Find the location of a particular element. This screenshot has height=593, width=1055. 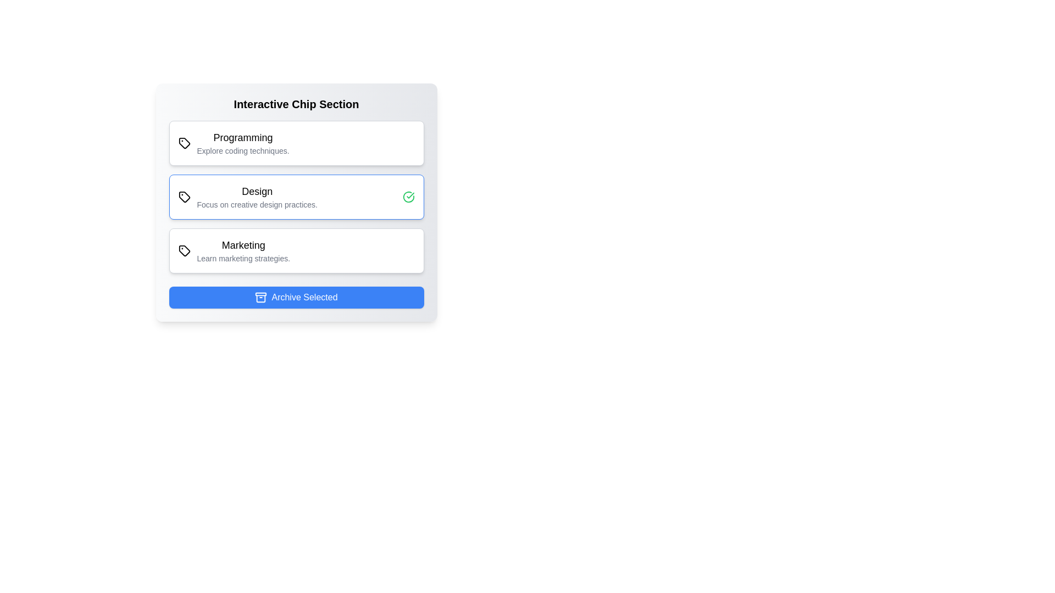

the chip labeled Design to toggle its selection state is located at coordinates (296, 196).